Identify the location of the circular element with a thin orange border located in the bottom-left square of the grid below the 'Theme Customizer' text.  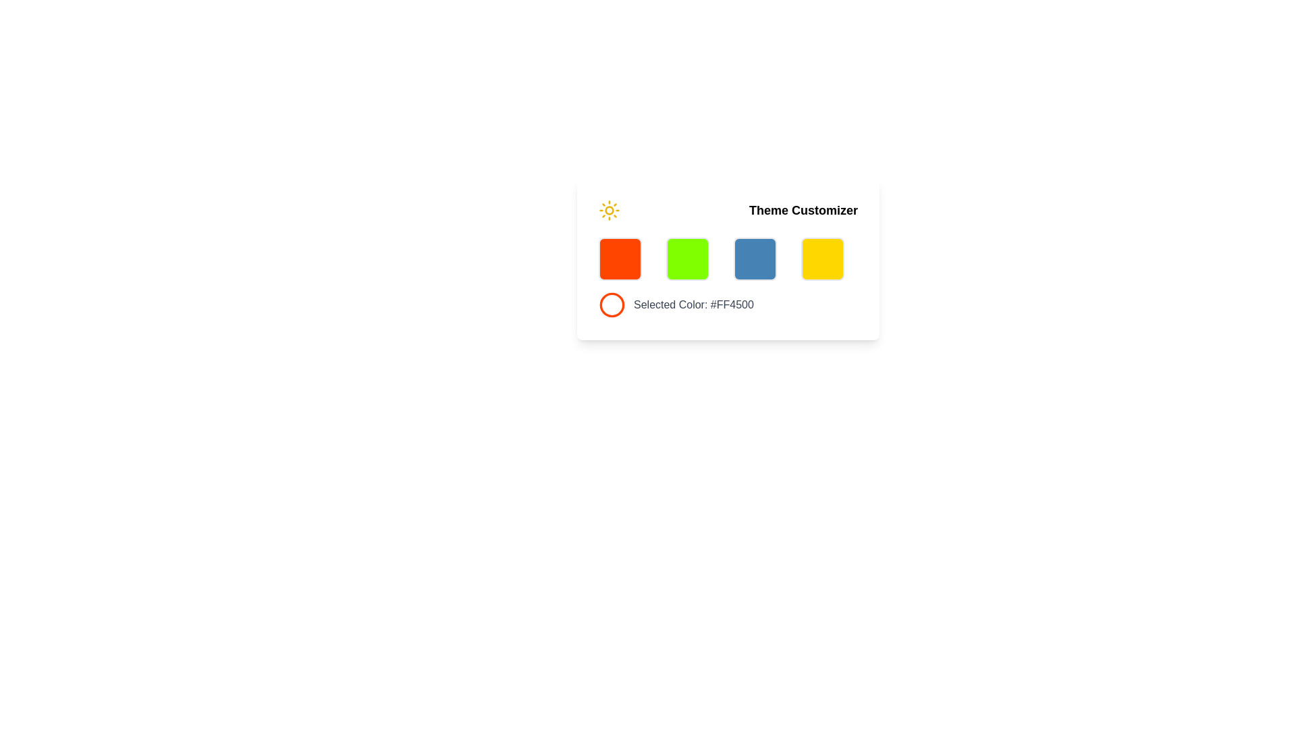
(612, 304).